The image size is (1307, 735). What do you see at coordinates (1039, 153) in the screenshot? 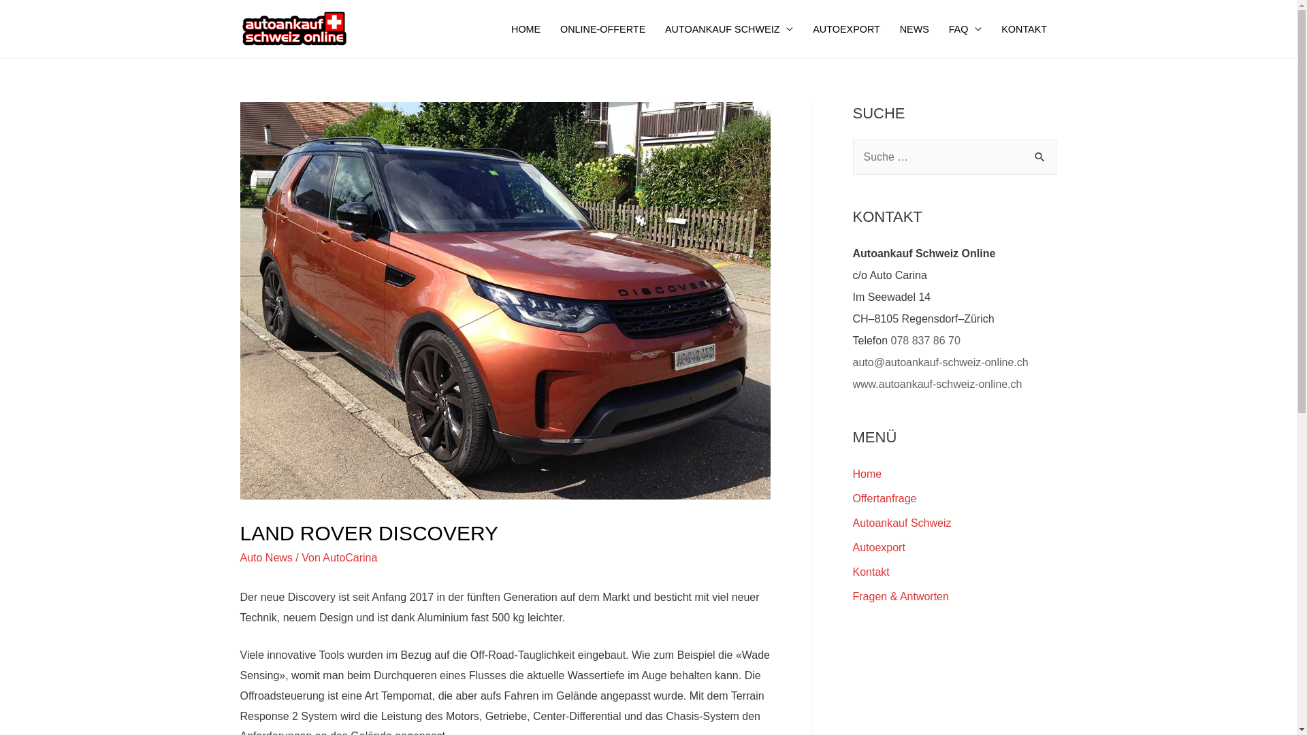
I see `'Suche'` at bounding box center [1039, 153].